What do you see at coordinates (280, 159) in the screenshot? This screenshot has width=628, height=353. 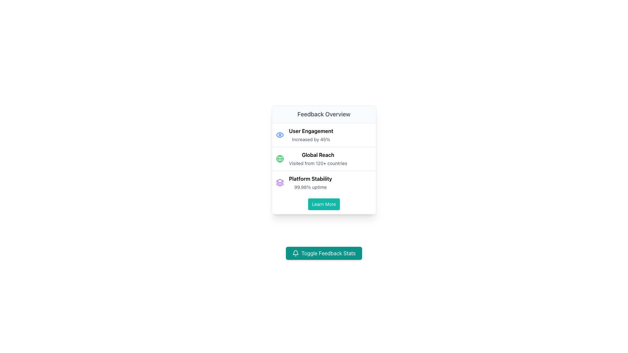 I see `the green-colored circular globe icon that is the leftmost visual indicator in the second row of a vertically aligned list, next to the text 'Global Reach'` at bounding box center [280, 159].